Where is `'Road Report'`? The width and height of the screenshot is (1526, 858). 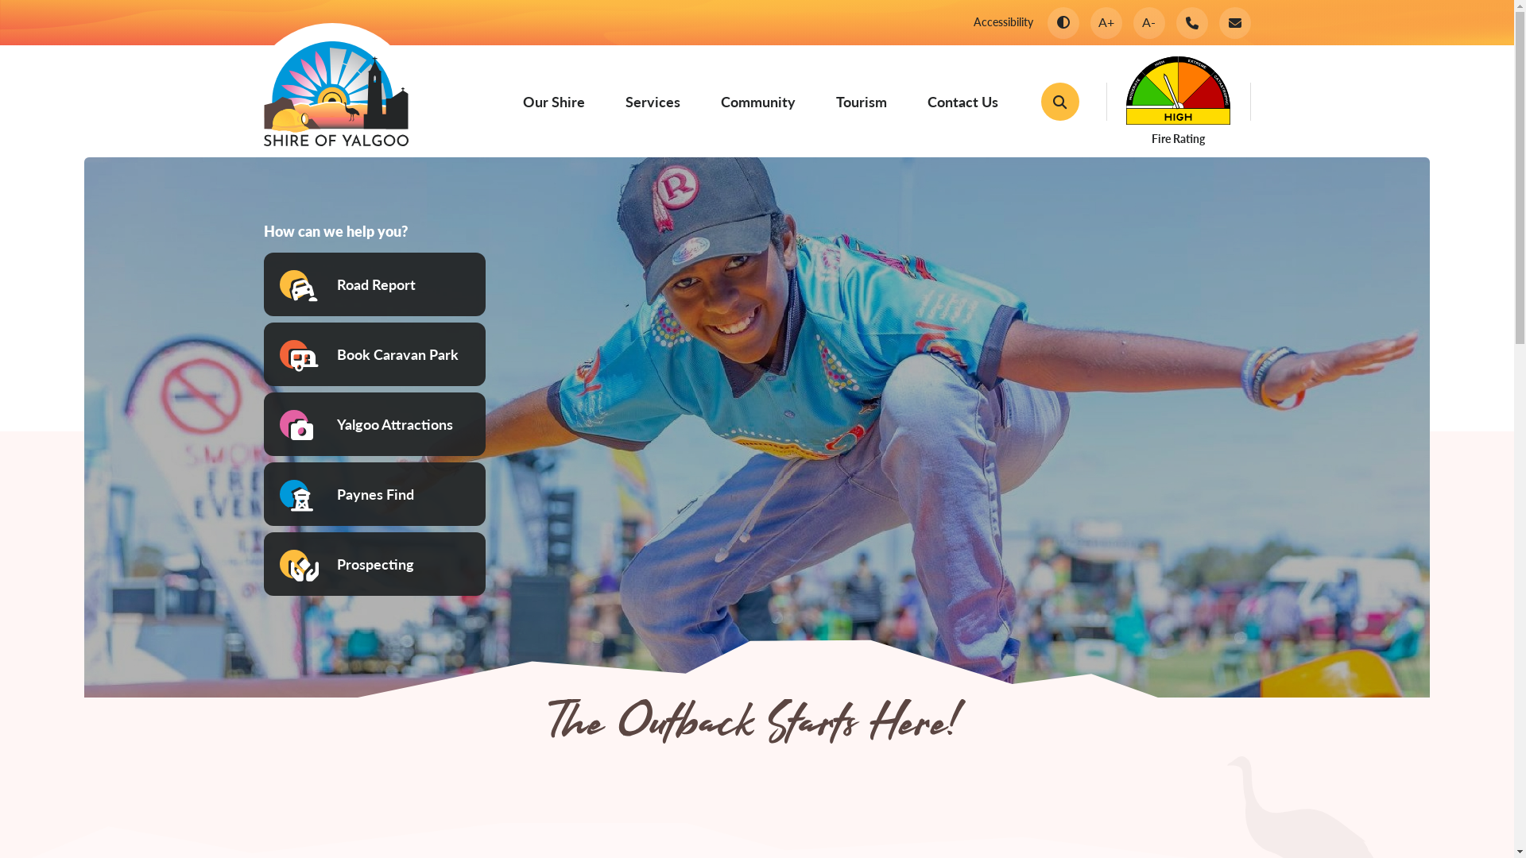
'Road Report' is located at coordinates (374, 284).